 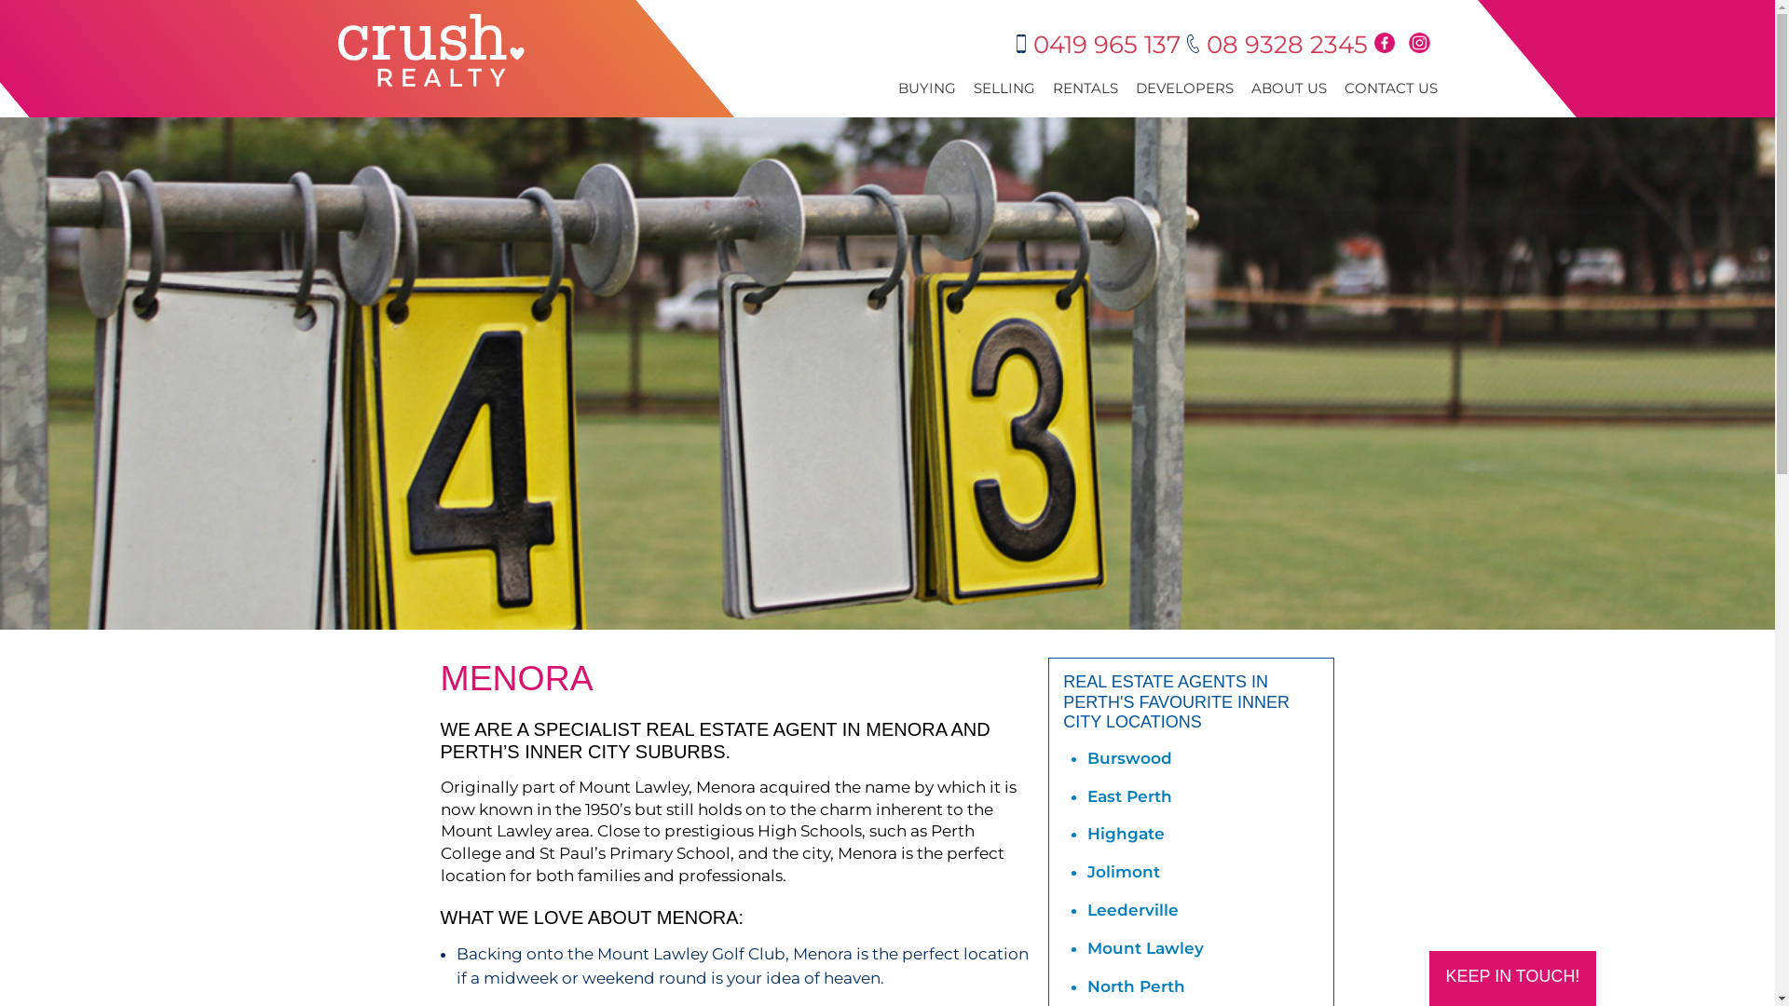 What do you see at coordinates (1128, 796) in the screenshot?
I see `'East Perth'` at bounding box center [1128, 796].